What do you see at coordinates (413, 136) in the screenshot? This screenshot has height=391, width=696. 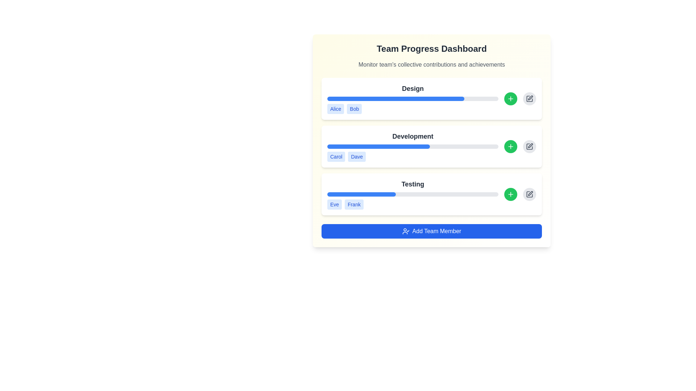 I see `the 'Development' section title text label on the progress dashboard, which is positioned above the horizontal progress bar and below the 'Design' heading` at bounding box center [413, 136].